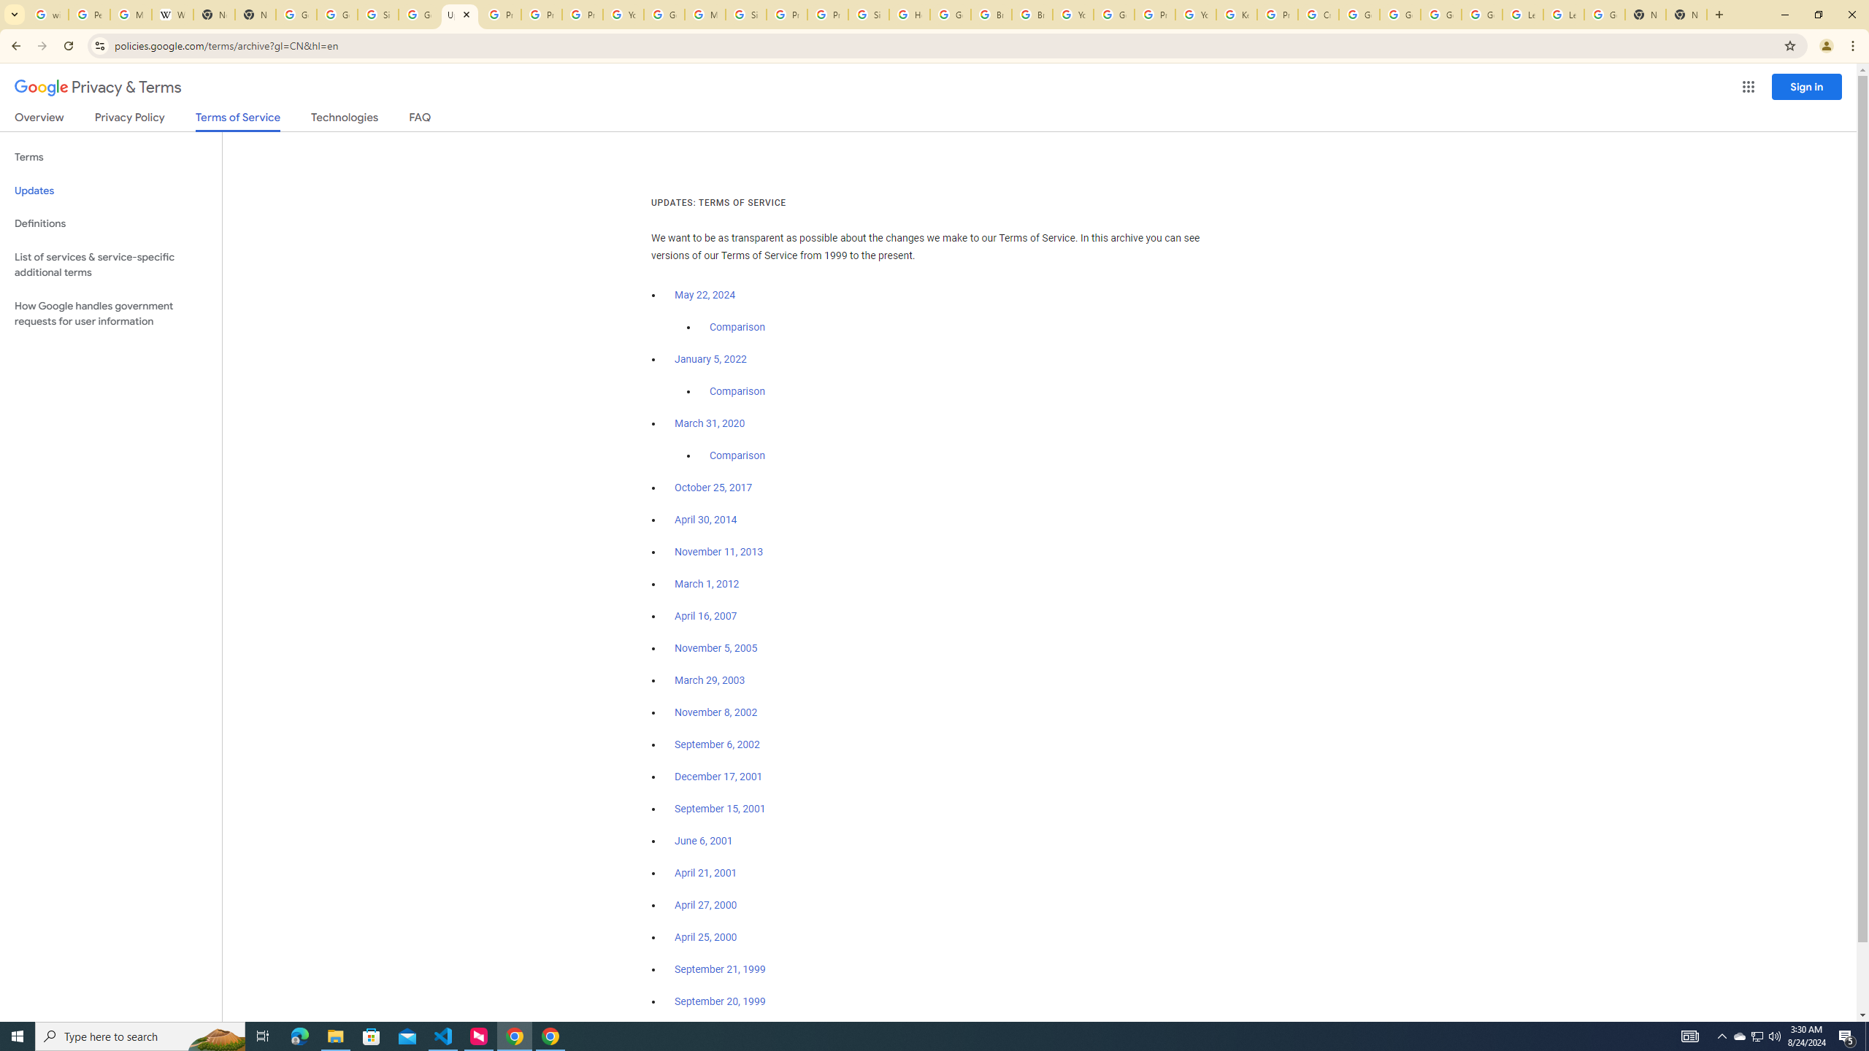 The width and height of the screenshot is (1869, 1051). What do you see at coordinates (131, 14) in the screenshot?
I see `'Manage your Location History - Google Search Help'` at bounding box center [131, 14].